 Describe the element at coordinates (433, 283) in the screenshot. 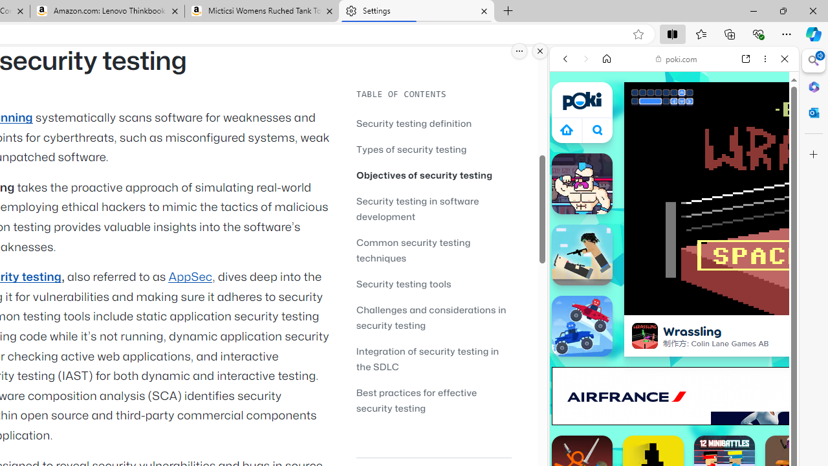

I see `'Security testing tools'` at that location.